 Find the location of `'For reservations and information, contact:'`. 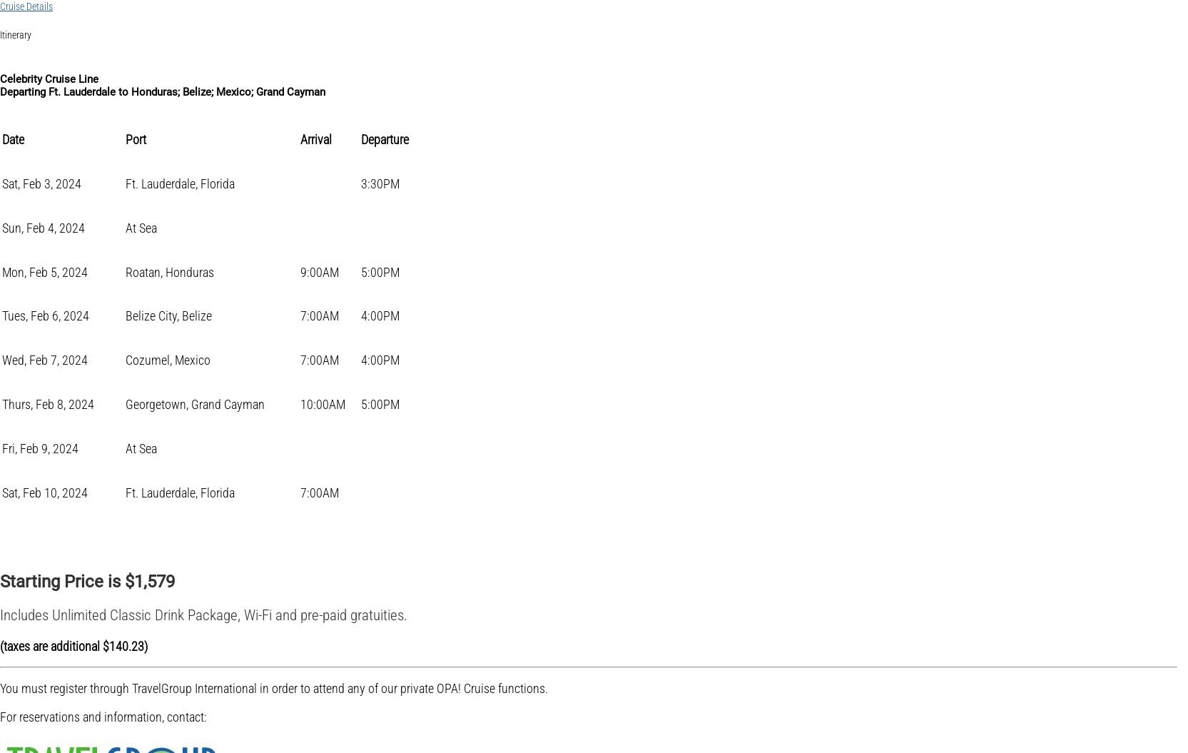

'For reservations and information, contact:' is located at coordinates (103, 715).